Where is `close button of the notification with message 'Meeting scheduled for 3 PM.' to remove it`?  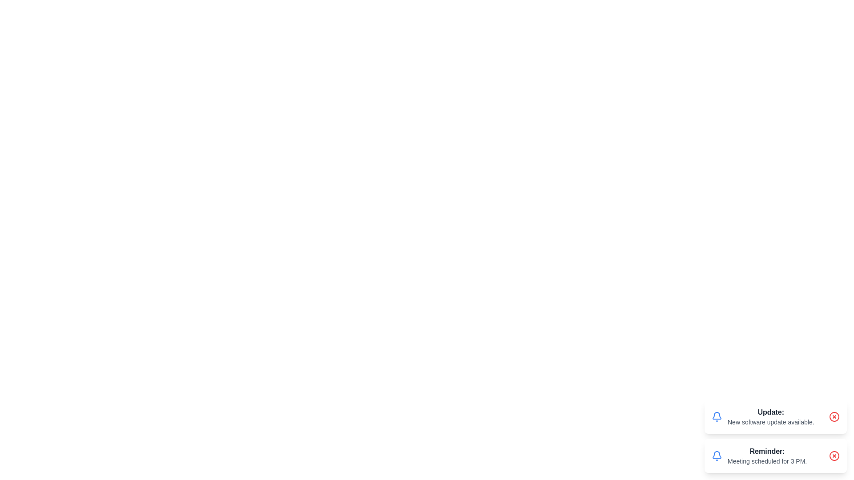 close button of the notification with message 'Meeting scheduled for 3 PM.' to remove it is located at coordinates (834, 456).